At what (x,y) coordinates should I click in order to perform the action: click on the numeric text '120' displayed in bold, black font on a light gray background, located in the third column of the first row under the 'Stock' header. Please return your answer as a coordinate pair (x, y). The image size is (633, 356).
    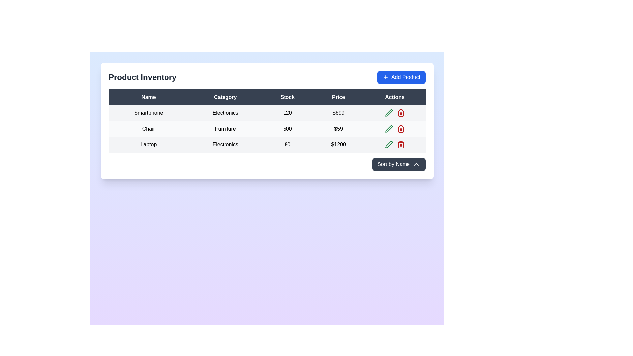
    Looking at the image, I should click on (287, 113).